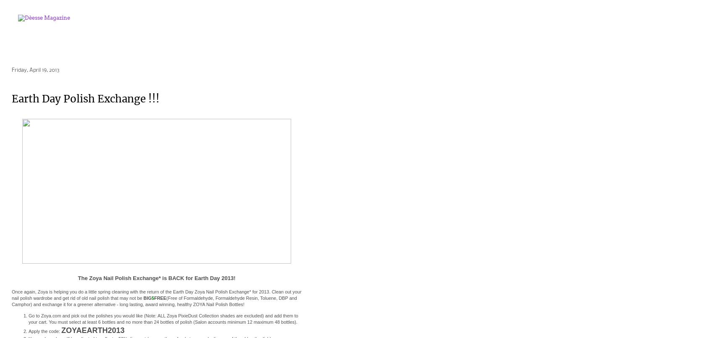 The image size is (718, 338). Describe the element at coordinates (156, 294) in the screenshot. I see `'Once again, Zoya is helping you do a little spring cleaning with the return of the Earth Day Zoya Nail Polish Exchange* for 2013. Clean out your nail polish wardrobe and get rid of old nail polish that may not be'` at that location.